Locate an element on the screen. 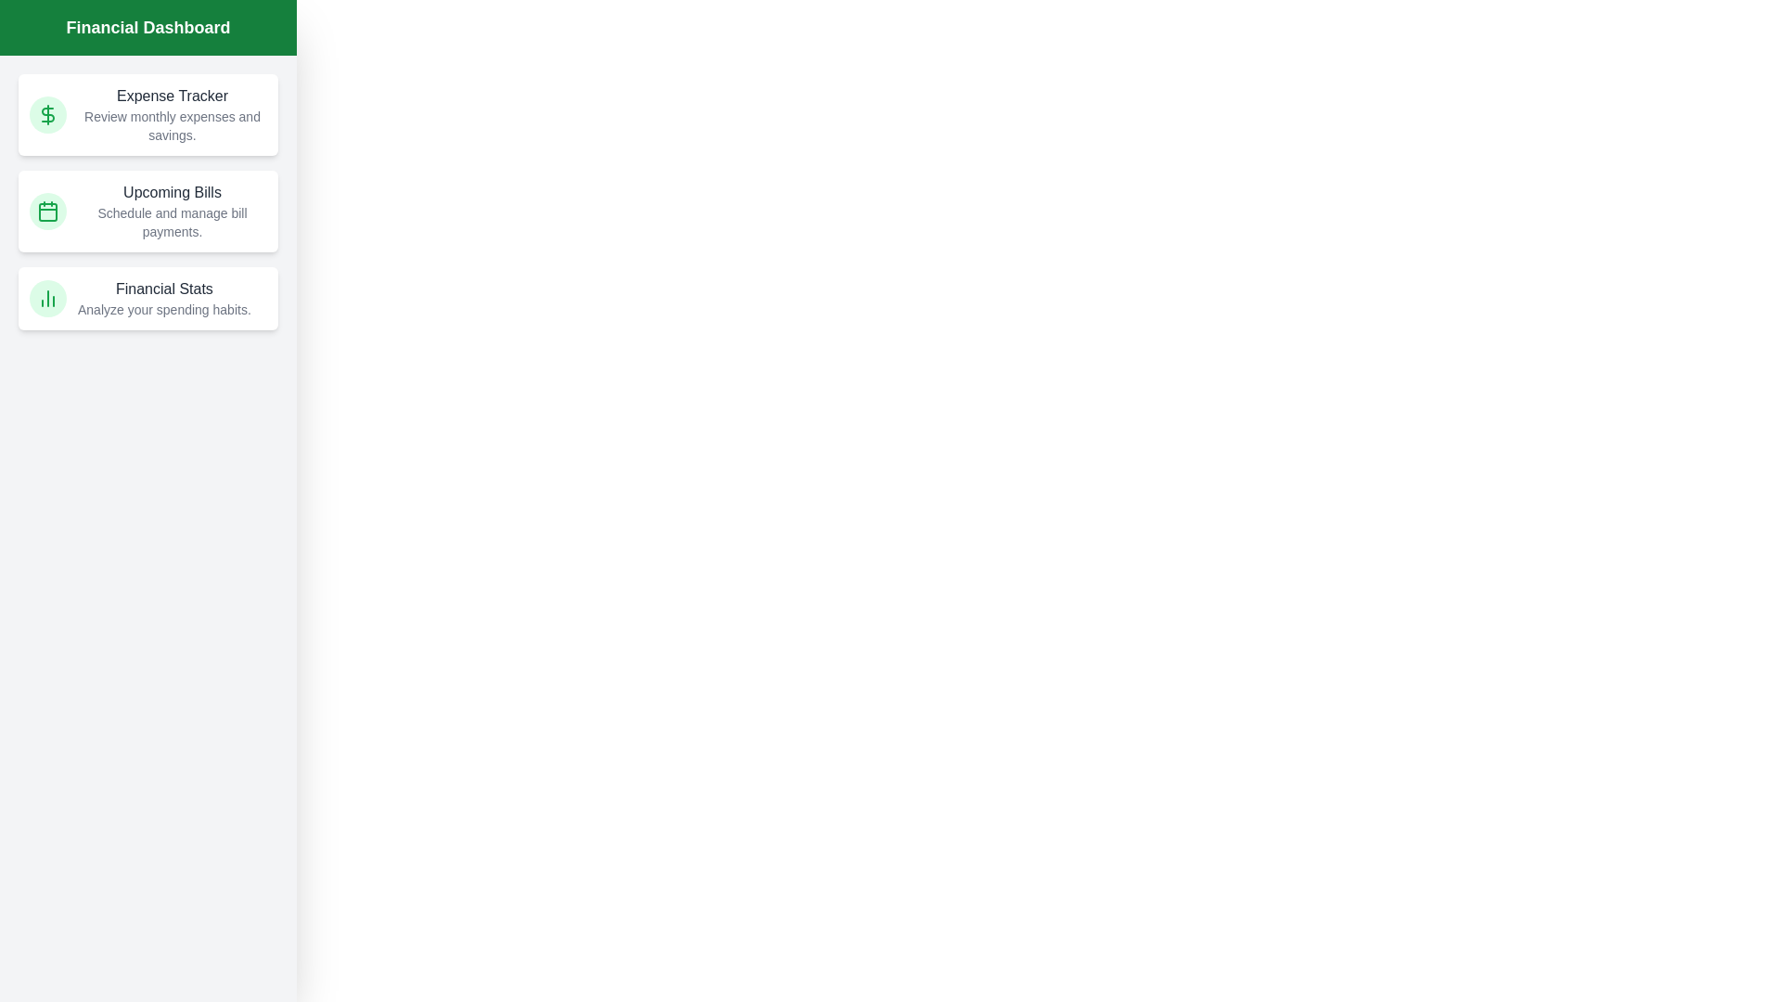 The image size is (1781, 1002). the item labeled Financial Stats is located at coordinates (147, 297).